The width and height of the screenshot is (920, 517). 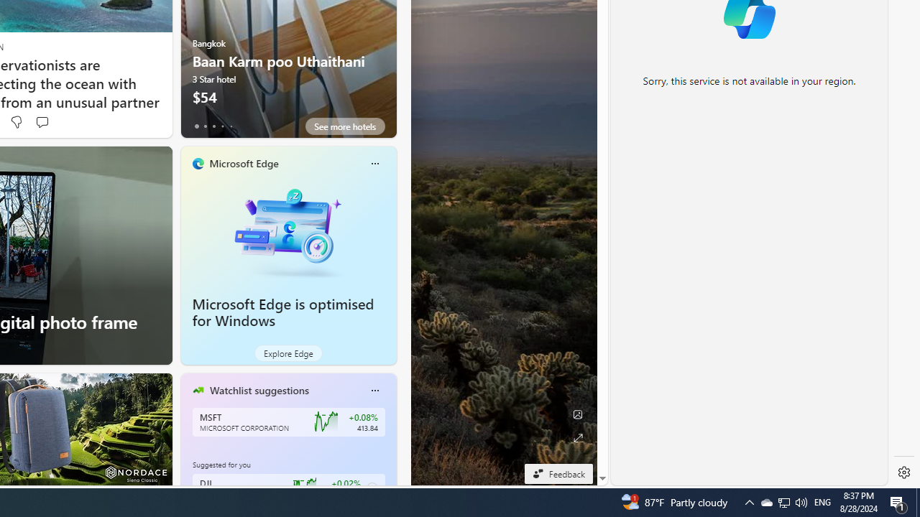 I want to click on 'Feedback', so click(x=558, y=473).